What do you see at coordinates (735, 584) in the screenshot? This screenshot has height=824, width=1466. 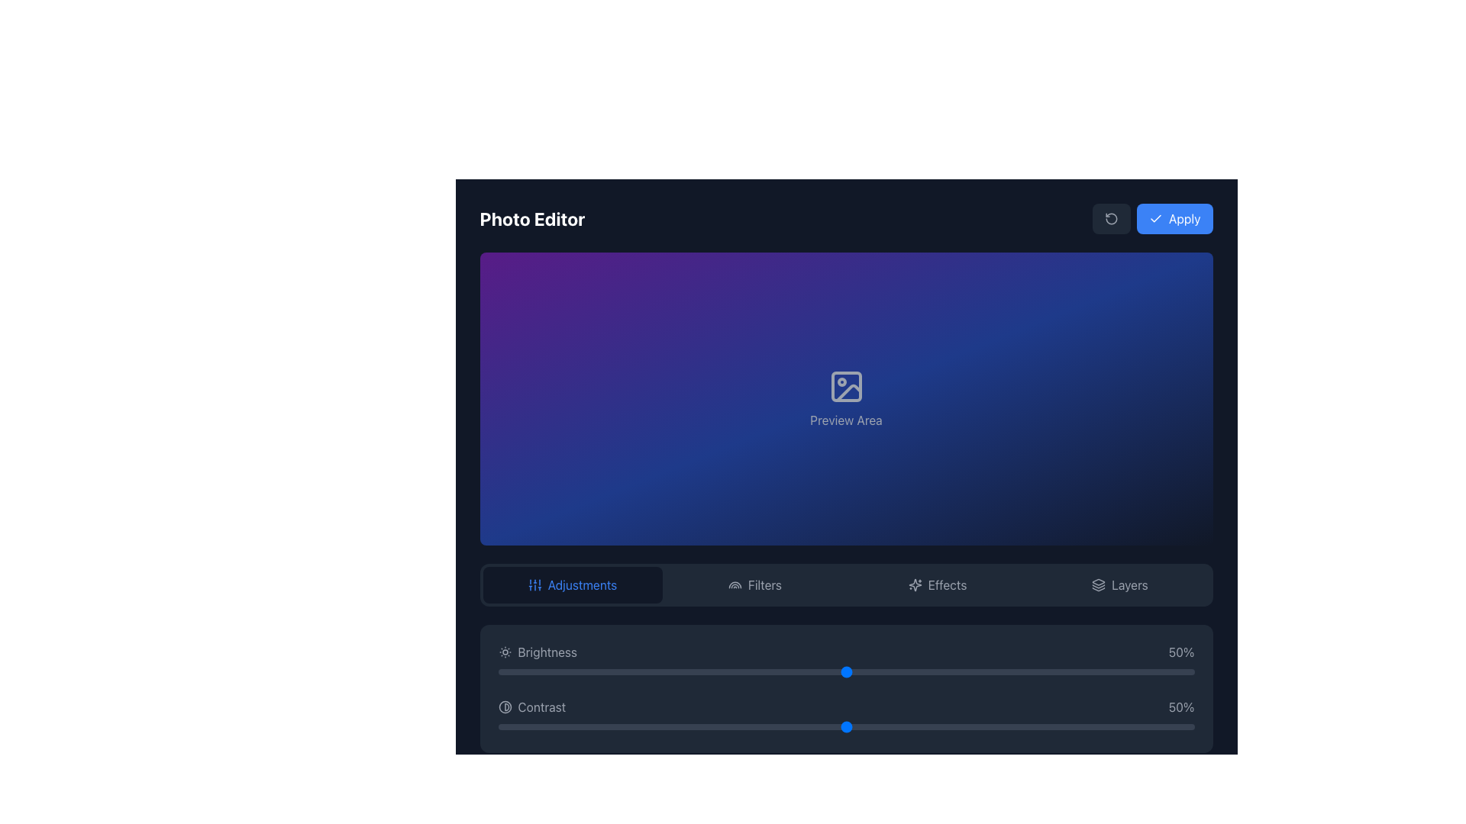 I see `the 'Filters' icon in the bottom navigation bar of the photo editor, which indicates the filters functionality to the user` at bounding box center [735, 584].